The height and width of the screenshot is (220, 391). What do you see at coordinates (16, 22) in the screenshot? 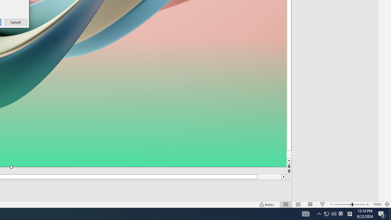
I see `'Cancel'` at bounding box center [16, 22].